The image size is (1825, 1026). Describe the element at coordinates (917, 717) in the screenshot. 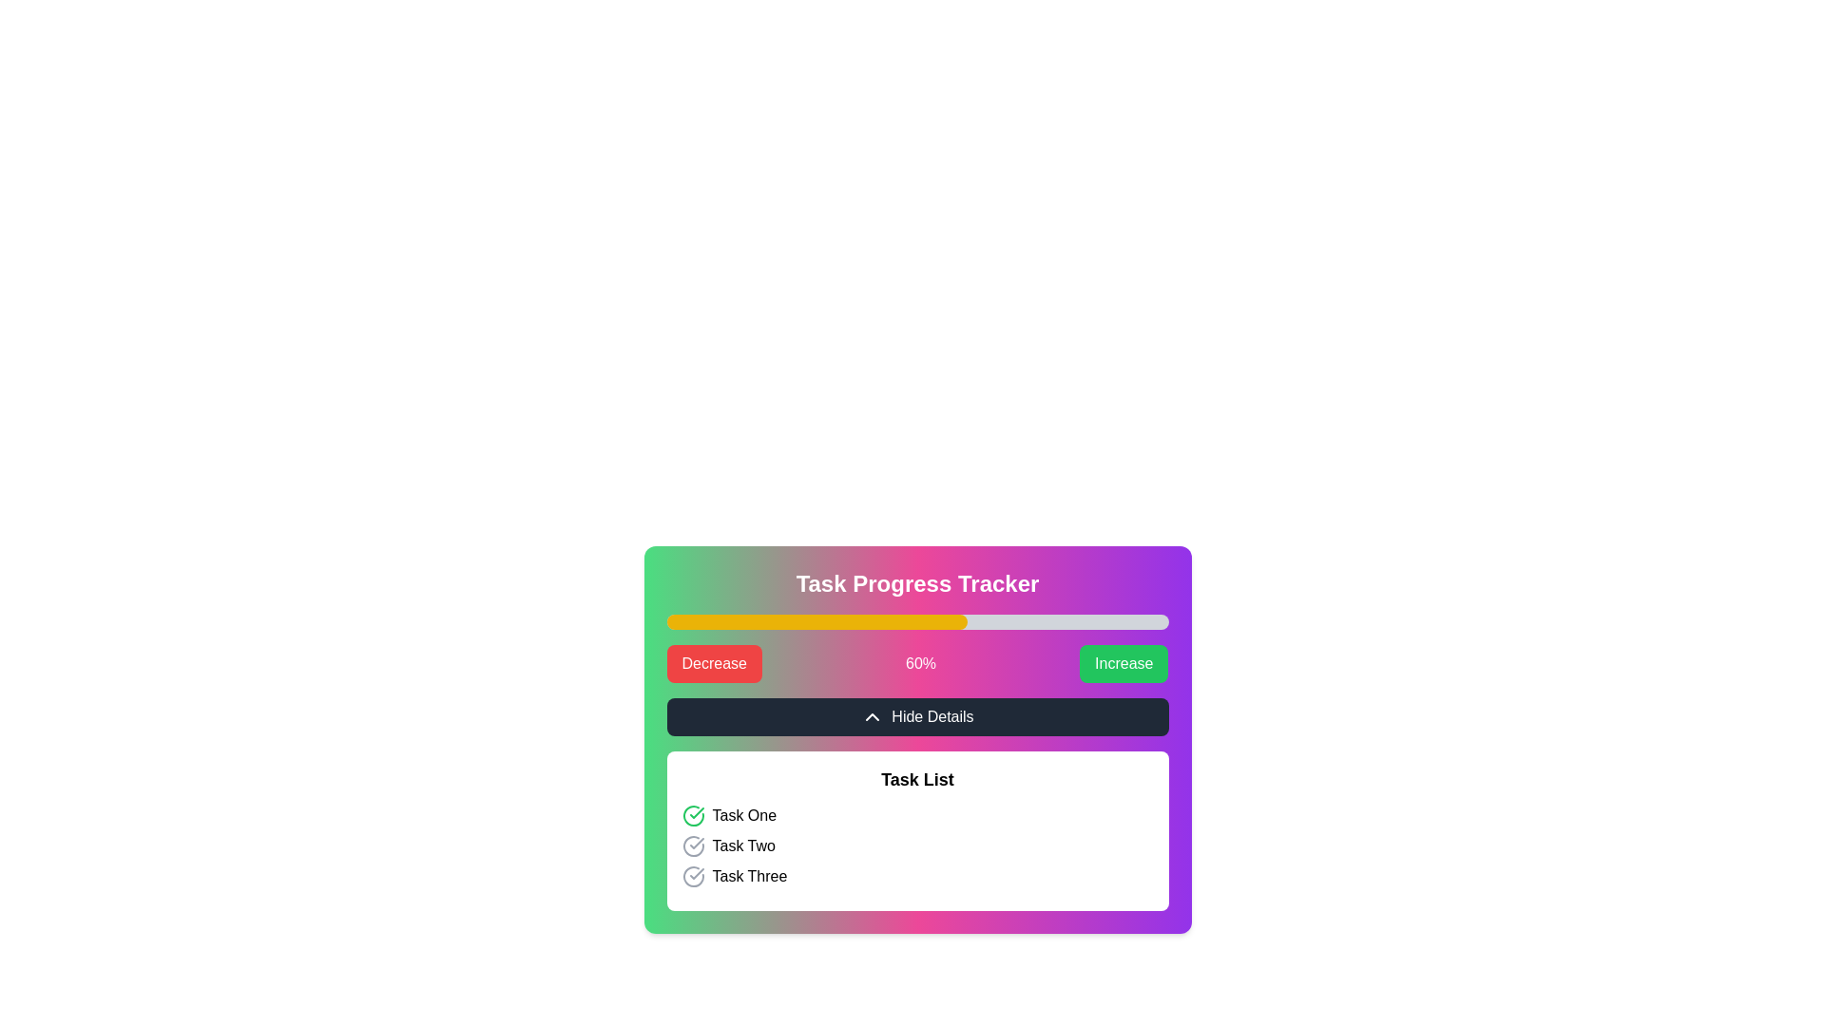

I see `the 'Hide Details' button, which is a dark gray button with rounded edges displaying white text and an upwards-facing chevron icon, located within the 'Task Progress Tracker' panel` at that location.